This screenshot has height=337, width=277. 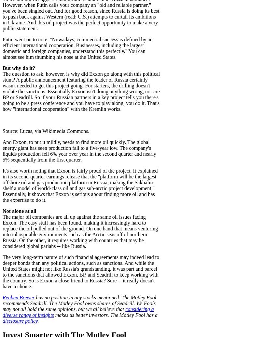 What do you see at coordinates (2, 297) in the screenshot?
I see `'Reuben Brewer'` at bounding box center [2, 297].